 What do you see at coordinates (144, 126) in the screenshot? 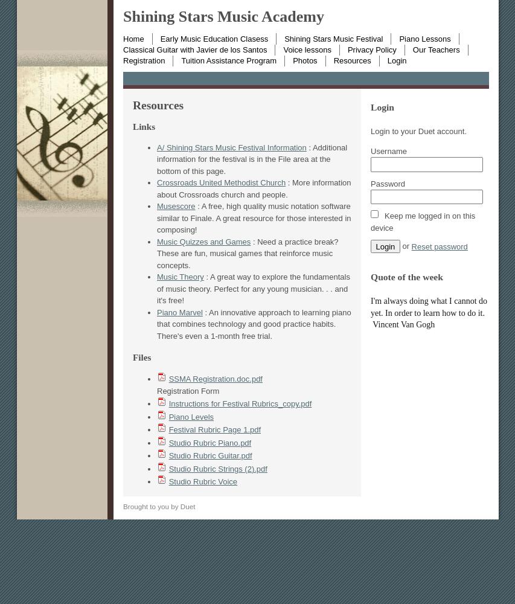
I see `'Links'` at bounding box center [144, 126].